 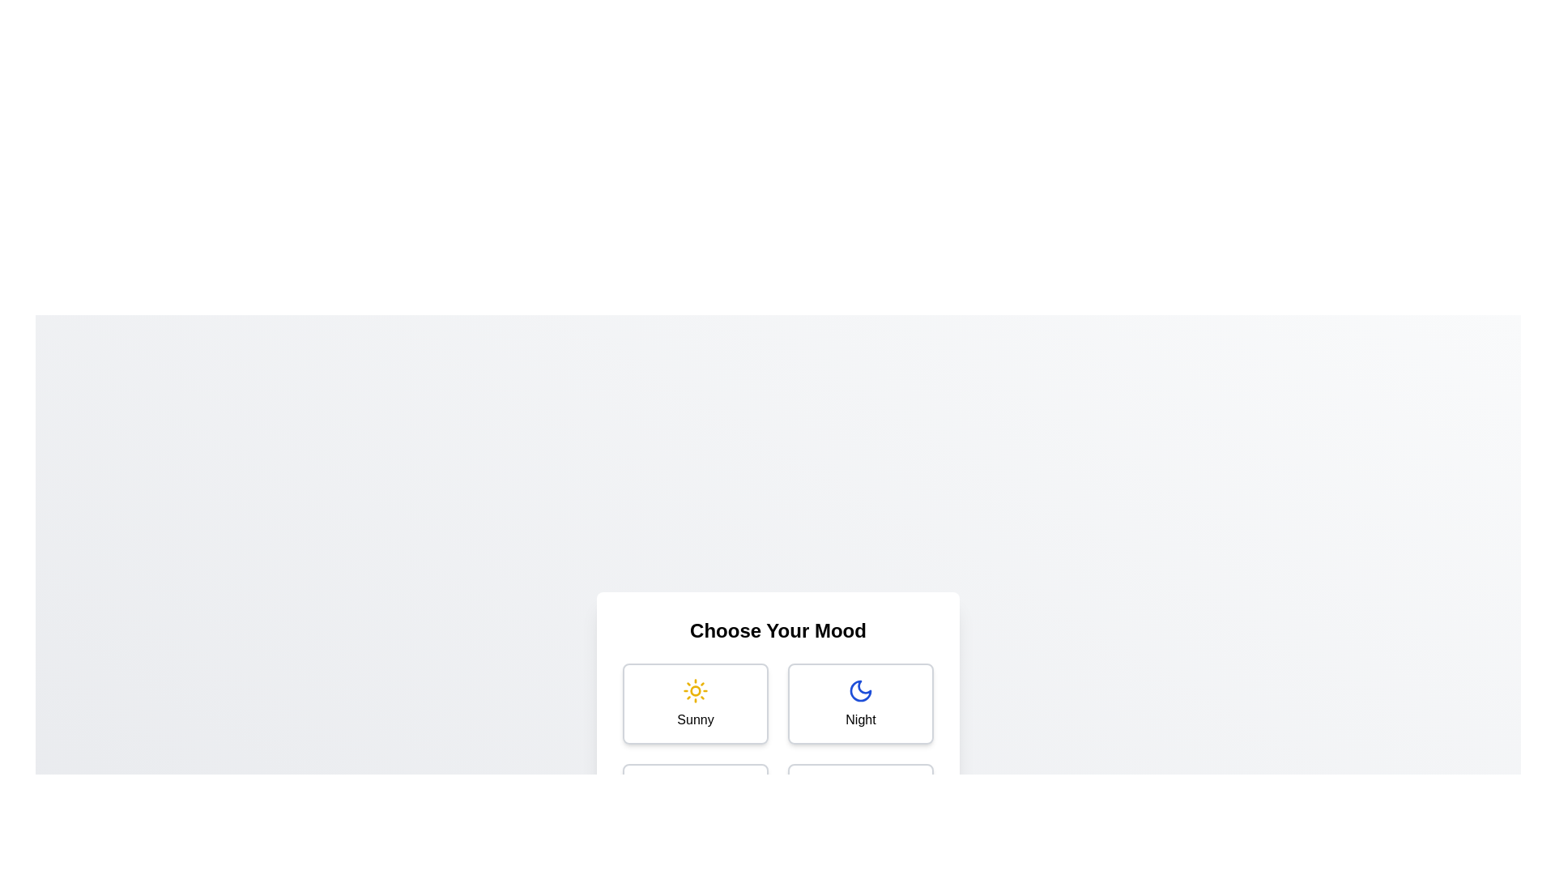 I want to click on the mood Sunny by clicking on its corresponding option, so click(x=696, y=702).